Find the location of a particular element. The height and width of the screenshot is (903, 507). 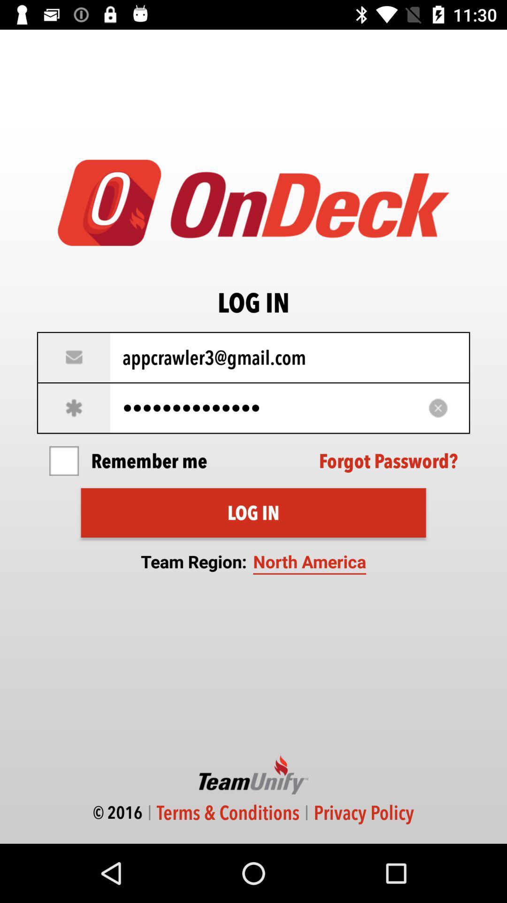

the privacy policy item is located at coordinates (363, 812).